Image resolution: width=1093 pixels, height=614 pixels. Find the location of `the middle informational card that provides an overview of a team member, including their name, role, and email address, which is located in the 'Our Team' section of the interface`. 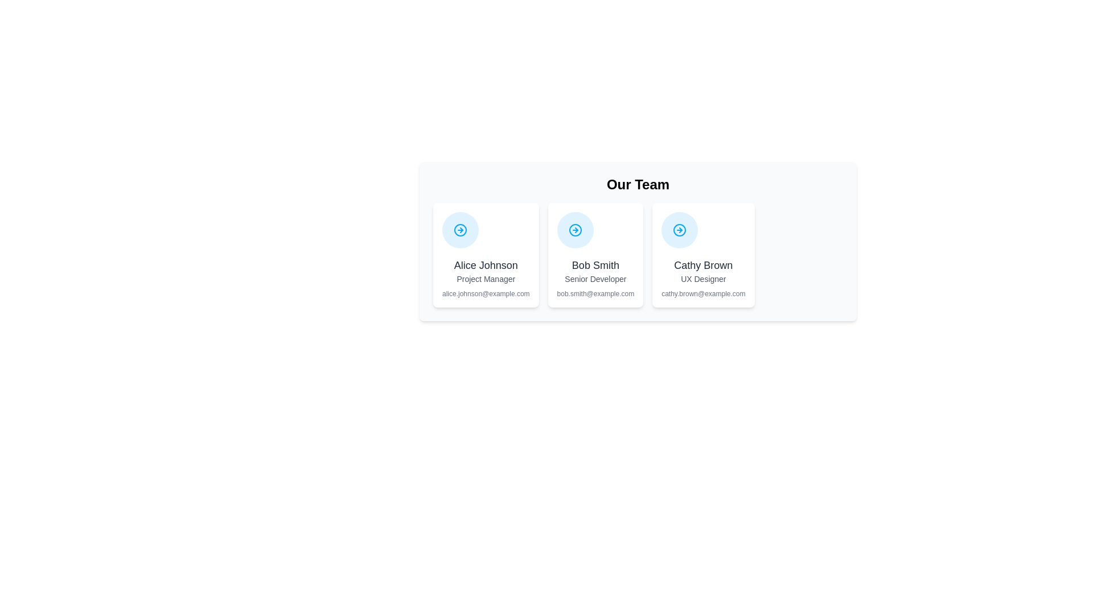

the middle informational card that provides an overview of a team member, including their name, role, and email address, which is located in the 'Our Team' section of the interface is located at coordinates (638, 254).